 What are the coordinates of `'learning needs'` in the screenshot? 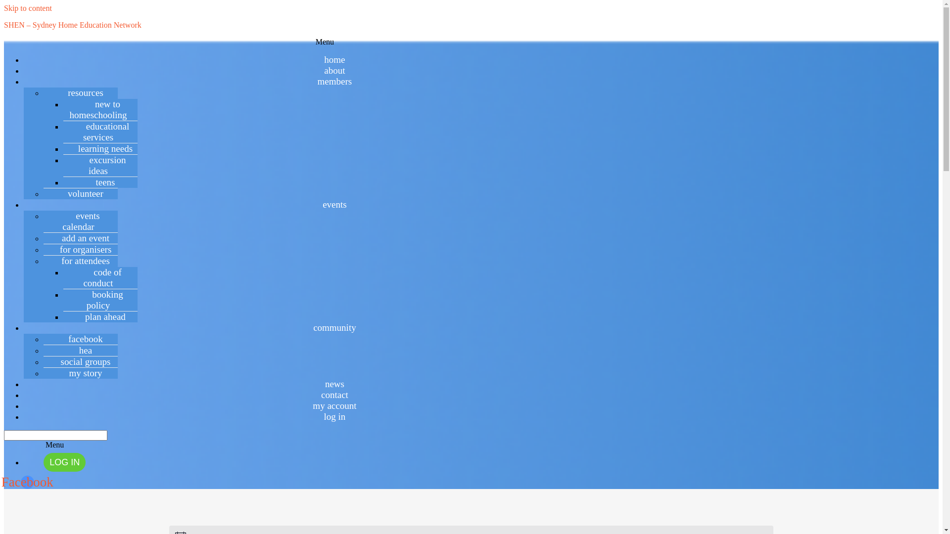 It's located at (63, 148).